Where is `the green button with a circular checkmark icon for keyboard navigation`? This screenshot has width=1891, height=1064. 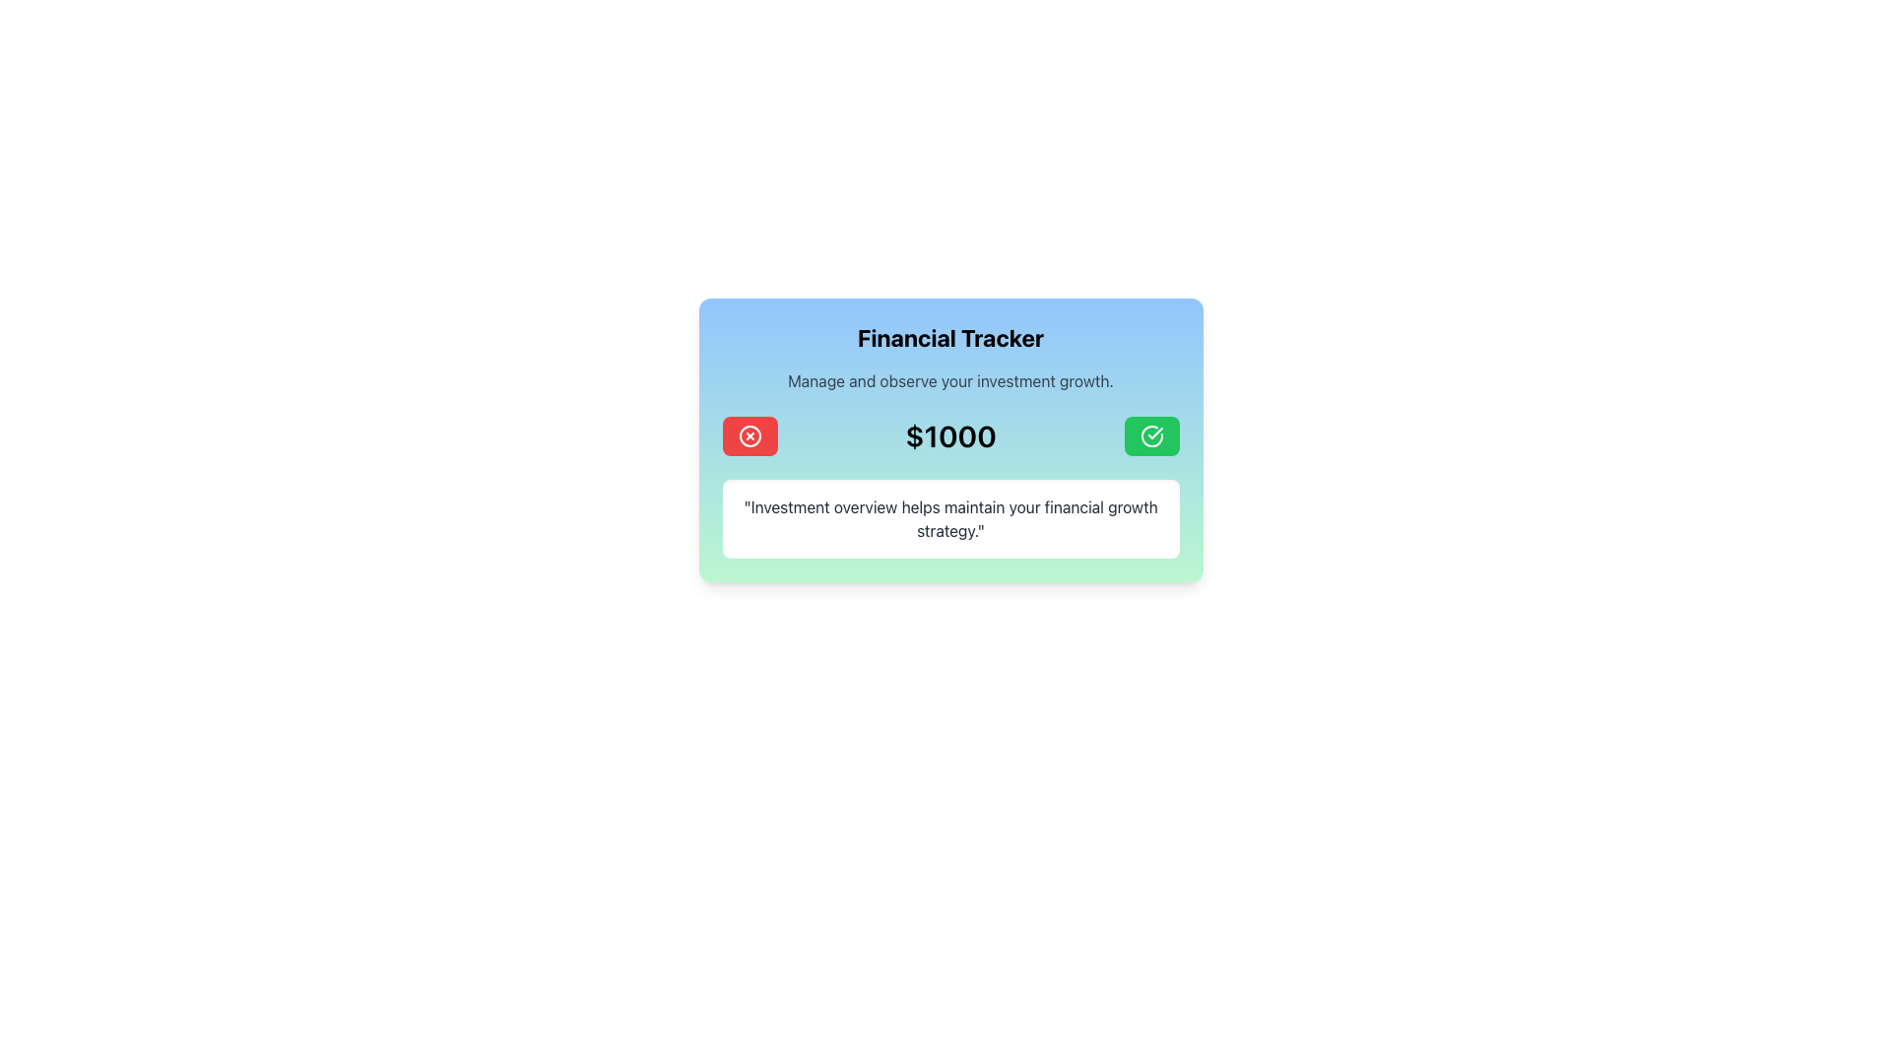
the green button with a circular checkmark icon for keyboard navigation is located at coordinates (1151, 435).